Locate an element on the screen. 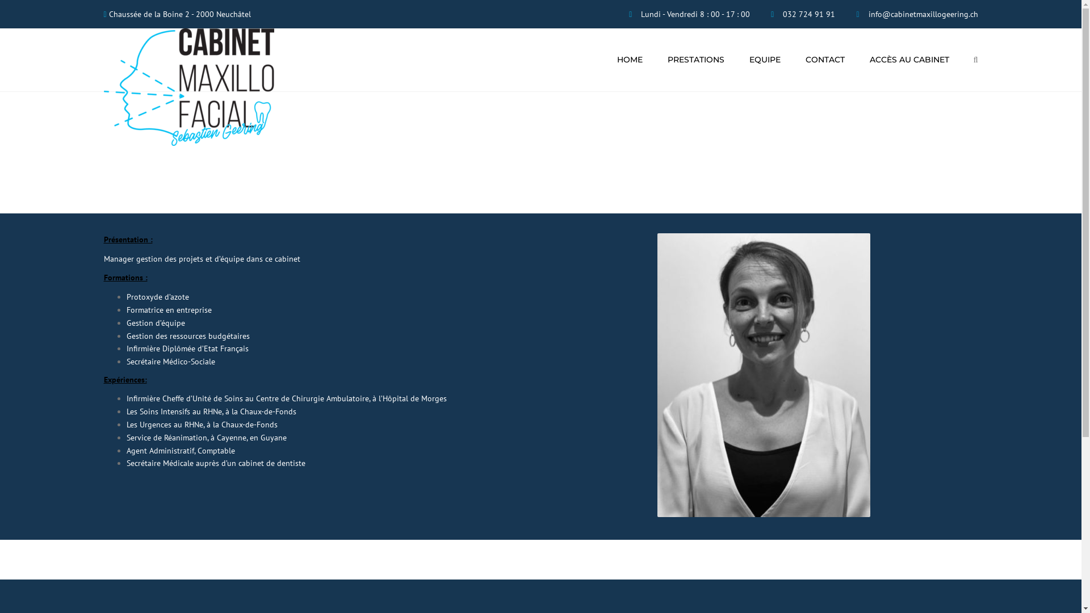 This screenshot has height=613, width=1090. '032 724 91 91' is located at coordinates (782, 14).